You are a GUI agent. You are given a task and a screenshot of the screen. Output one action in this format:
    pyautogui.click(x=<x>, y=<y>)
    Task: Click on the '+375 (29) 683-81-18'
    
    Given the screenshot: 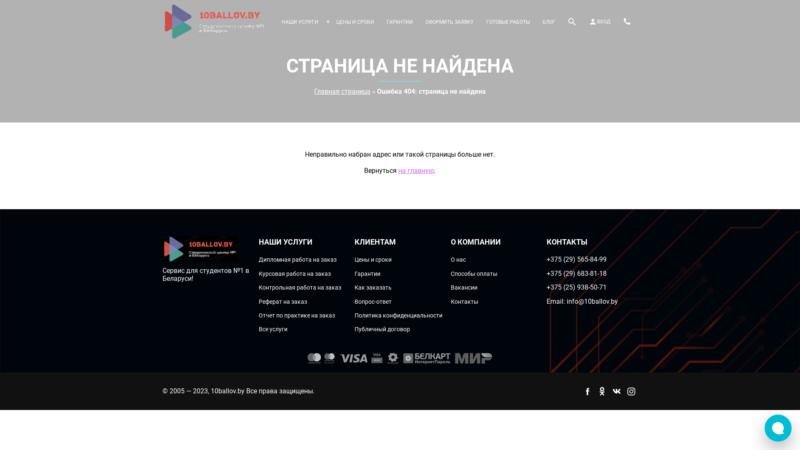 What is the action you would take?
    pyautogui.click(x=576, y=273)
    